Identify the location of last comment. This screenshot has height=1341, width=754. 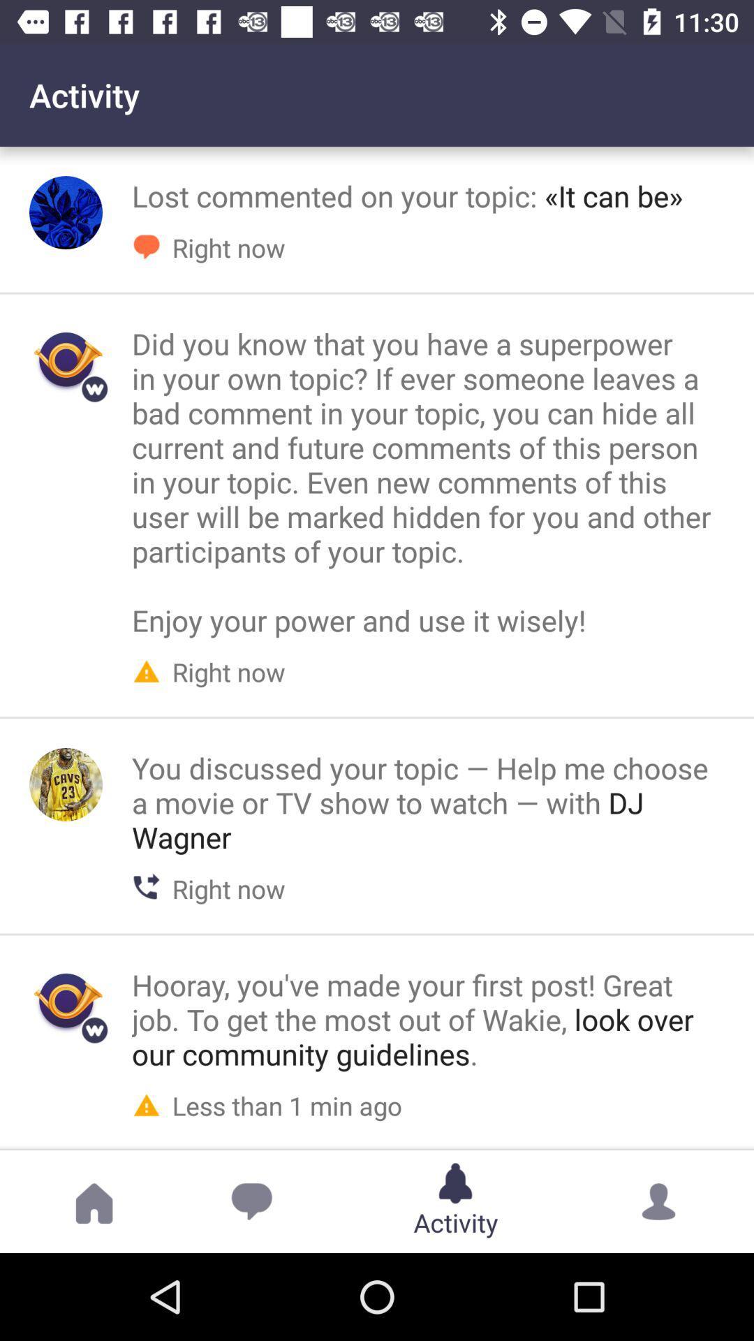
(66, 1001).